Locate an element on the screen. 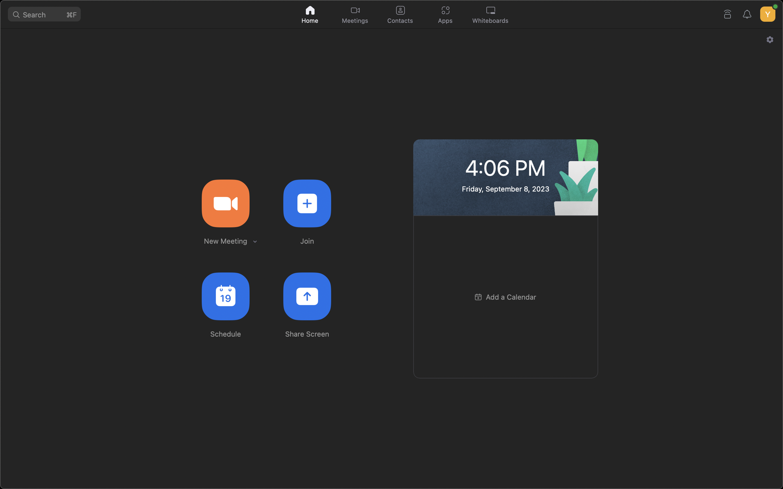 This screenshot has width=783, height=489. the whiteboard features is located at coordinates (492, 15).